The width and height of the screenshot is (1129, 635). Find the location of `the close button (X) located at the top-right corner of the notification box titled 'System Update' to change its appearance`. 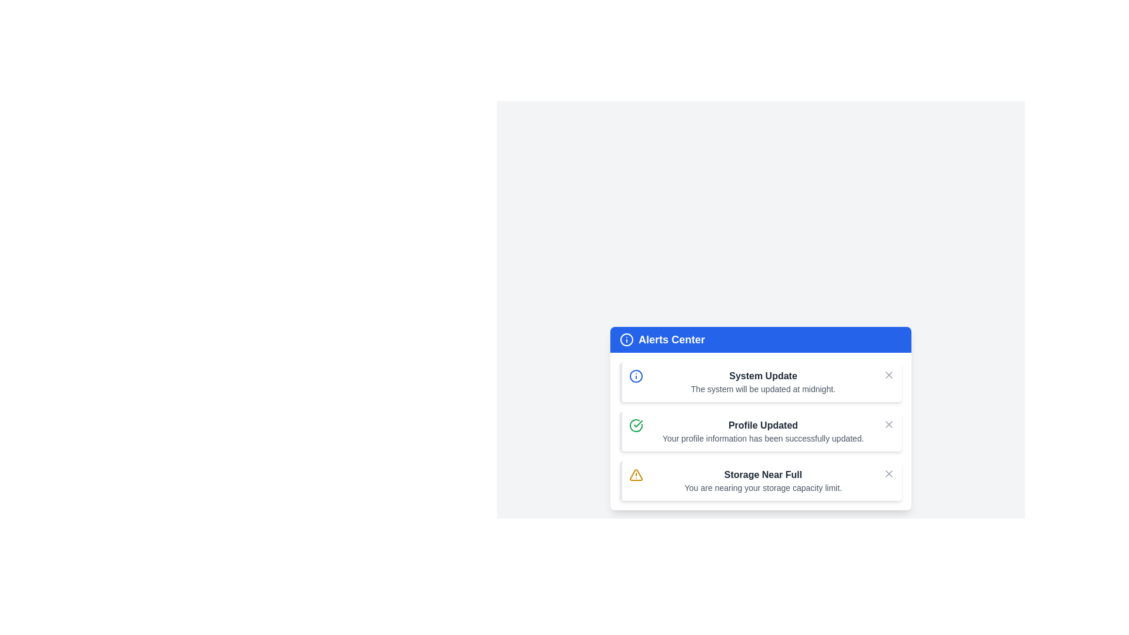

the close button (X) located at the top-right corner of the notification box titled 'System Update' to change its appearance is located at coordinates (889, 375).